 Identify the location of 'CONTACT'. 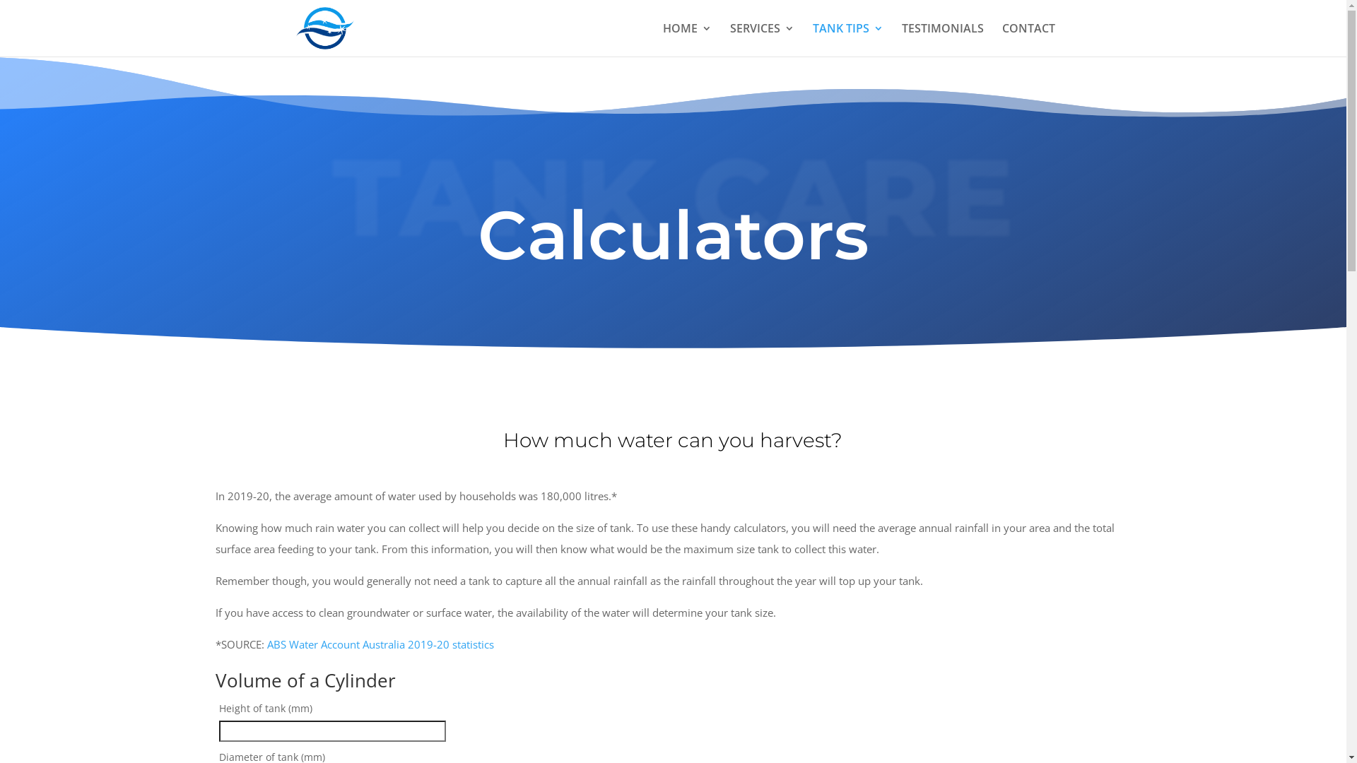
(1028, 39).